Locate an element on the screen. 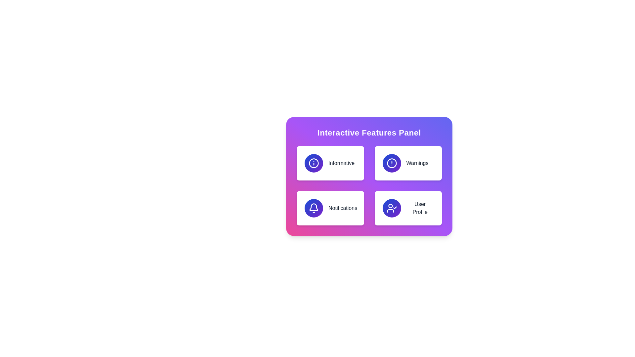  the button labeled 'User Profile', which features an icon of a user silhouette with a checkmark badge in the bottom-right quadrant of the 'Interactive Features Panel' is located at coordinates (392, 208).